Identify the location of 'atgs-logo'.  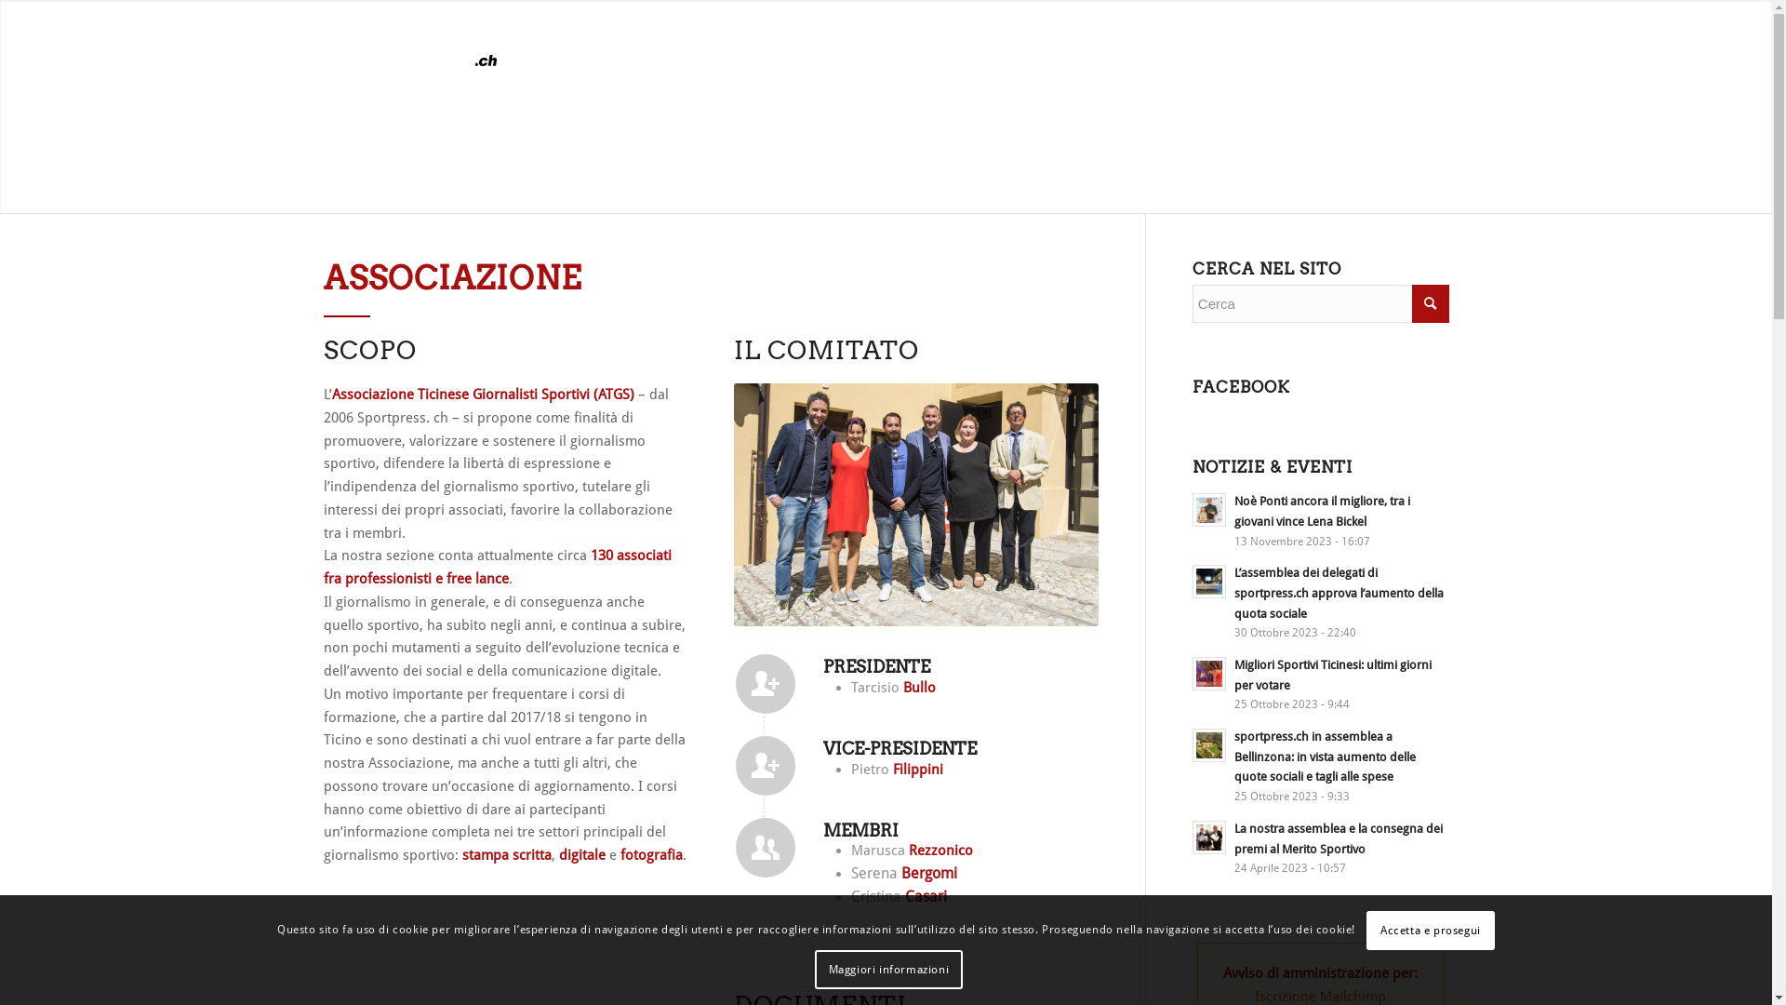
(414, 42).